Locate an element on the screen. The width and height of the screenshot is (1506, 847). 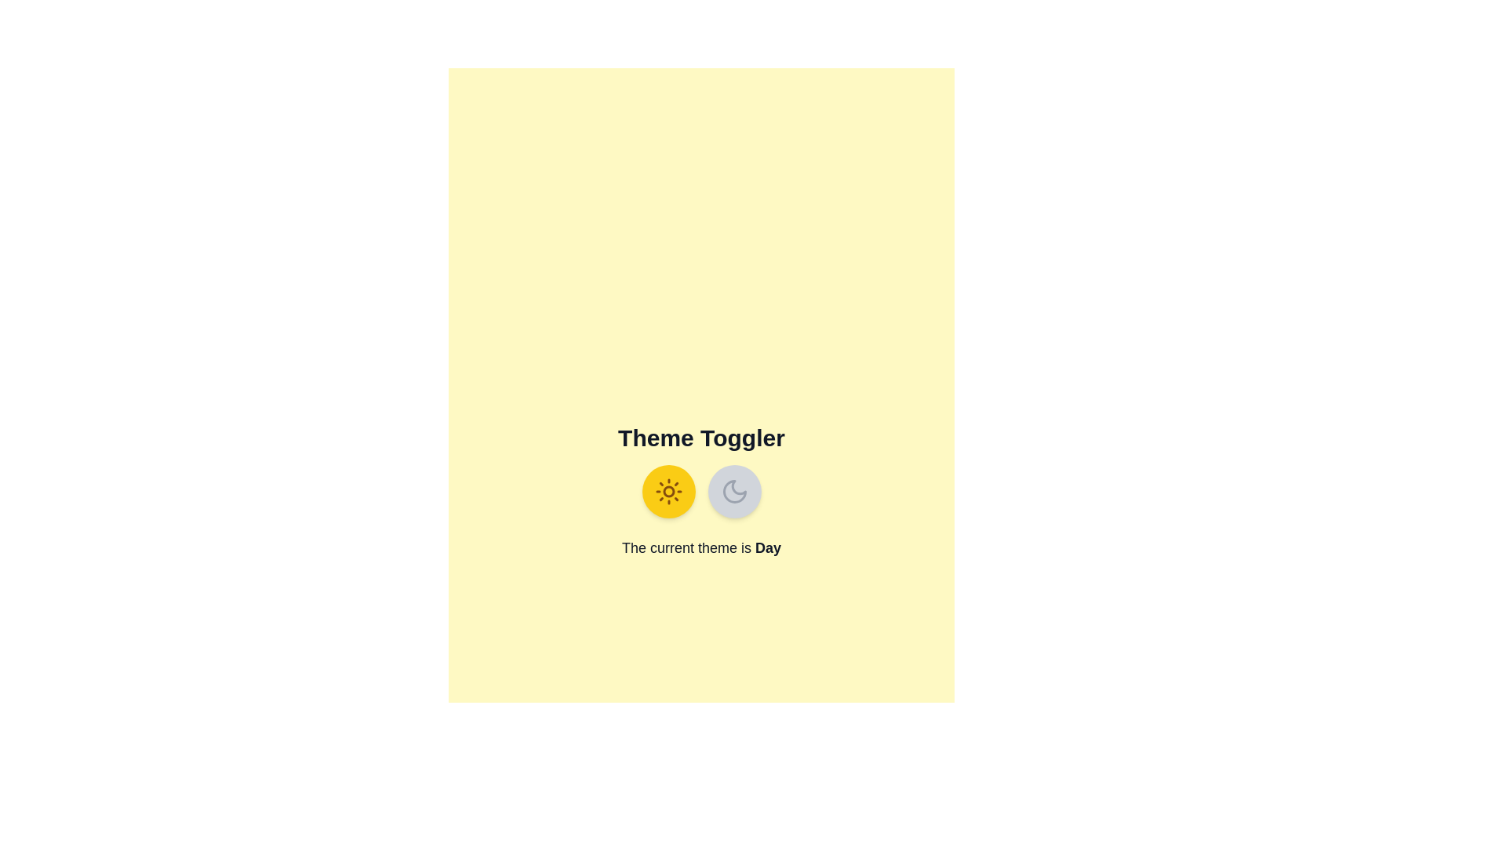
the button representing night theme to observe the hover effect is located at coordinates (733, 491).